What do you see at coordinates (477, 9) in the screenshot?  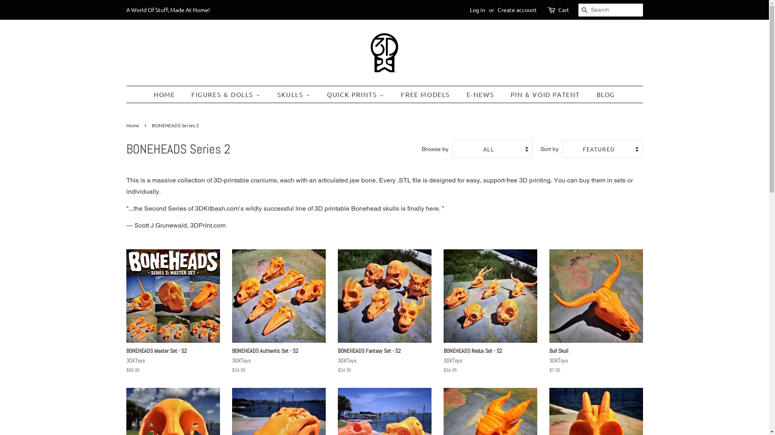 I see `'Log in'` at bounding box center [477, 9].